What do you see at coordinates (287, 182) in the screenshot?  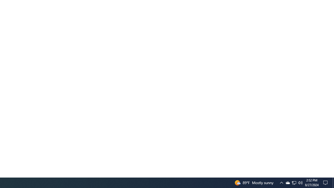 I see `'Q2790: 100%'` at bounding box center [287, 182].